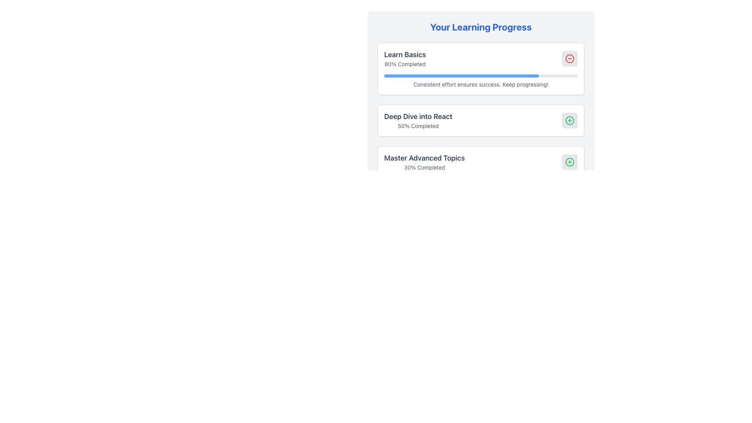 This screenshot has height=423, width=752. Describe the element at coordinates (461, 76) in the screenshot. I see `the filled portion of the progress bar representing 80% completion of the 'Learn Basics' task` at that location.